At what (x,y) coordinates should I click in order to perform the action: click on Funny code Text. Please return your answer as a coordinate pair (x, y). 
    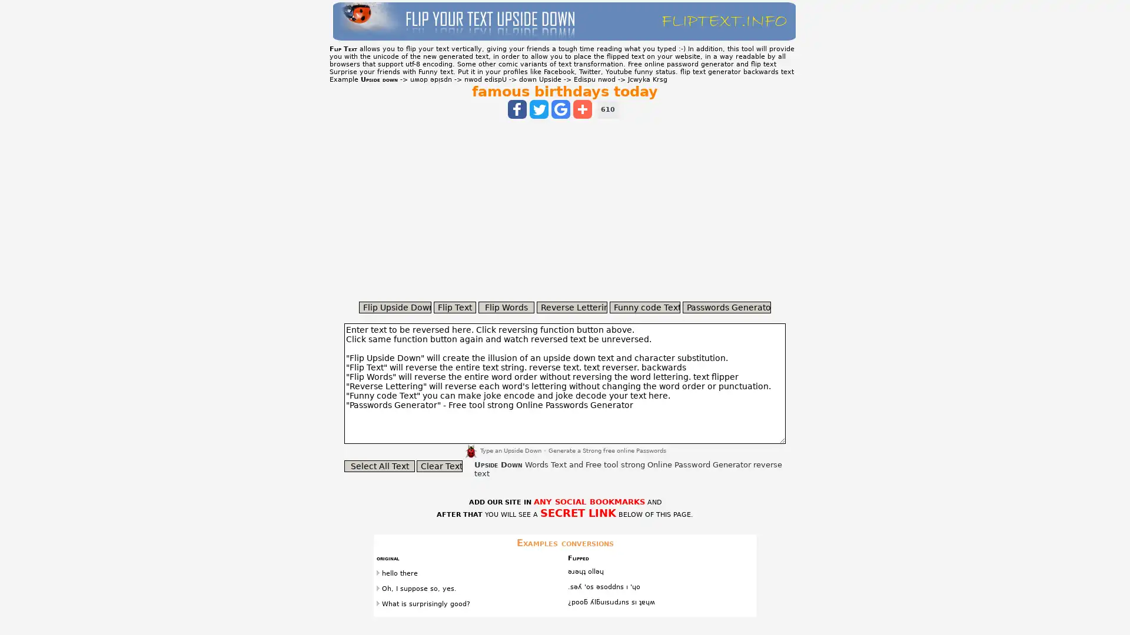
    Looking at the image, I should click on (644, 307).